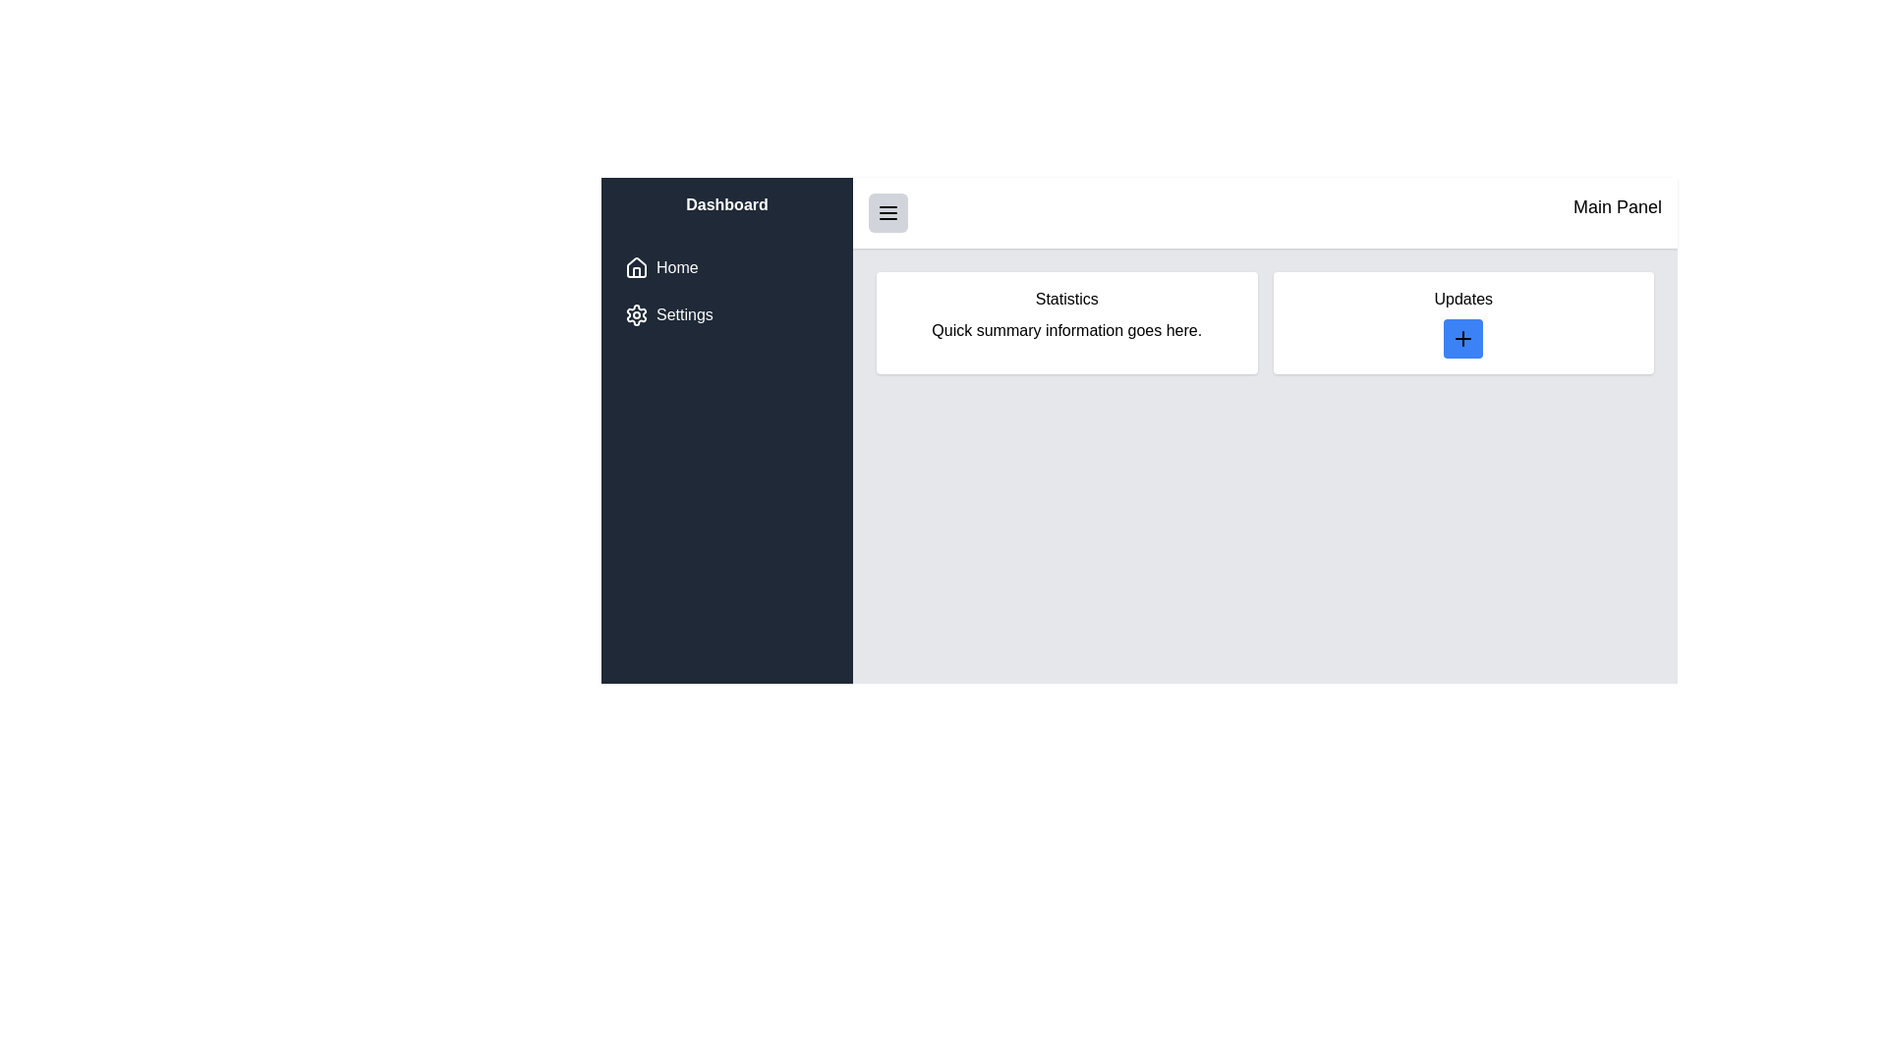 This screenshot has height=1061, width=1887. Describe the element at coordinates (637, 313) in the screenshot. I see `the cogwheel icon in the left-side navigation panel` at that location.